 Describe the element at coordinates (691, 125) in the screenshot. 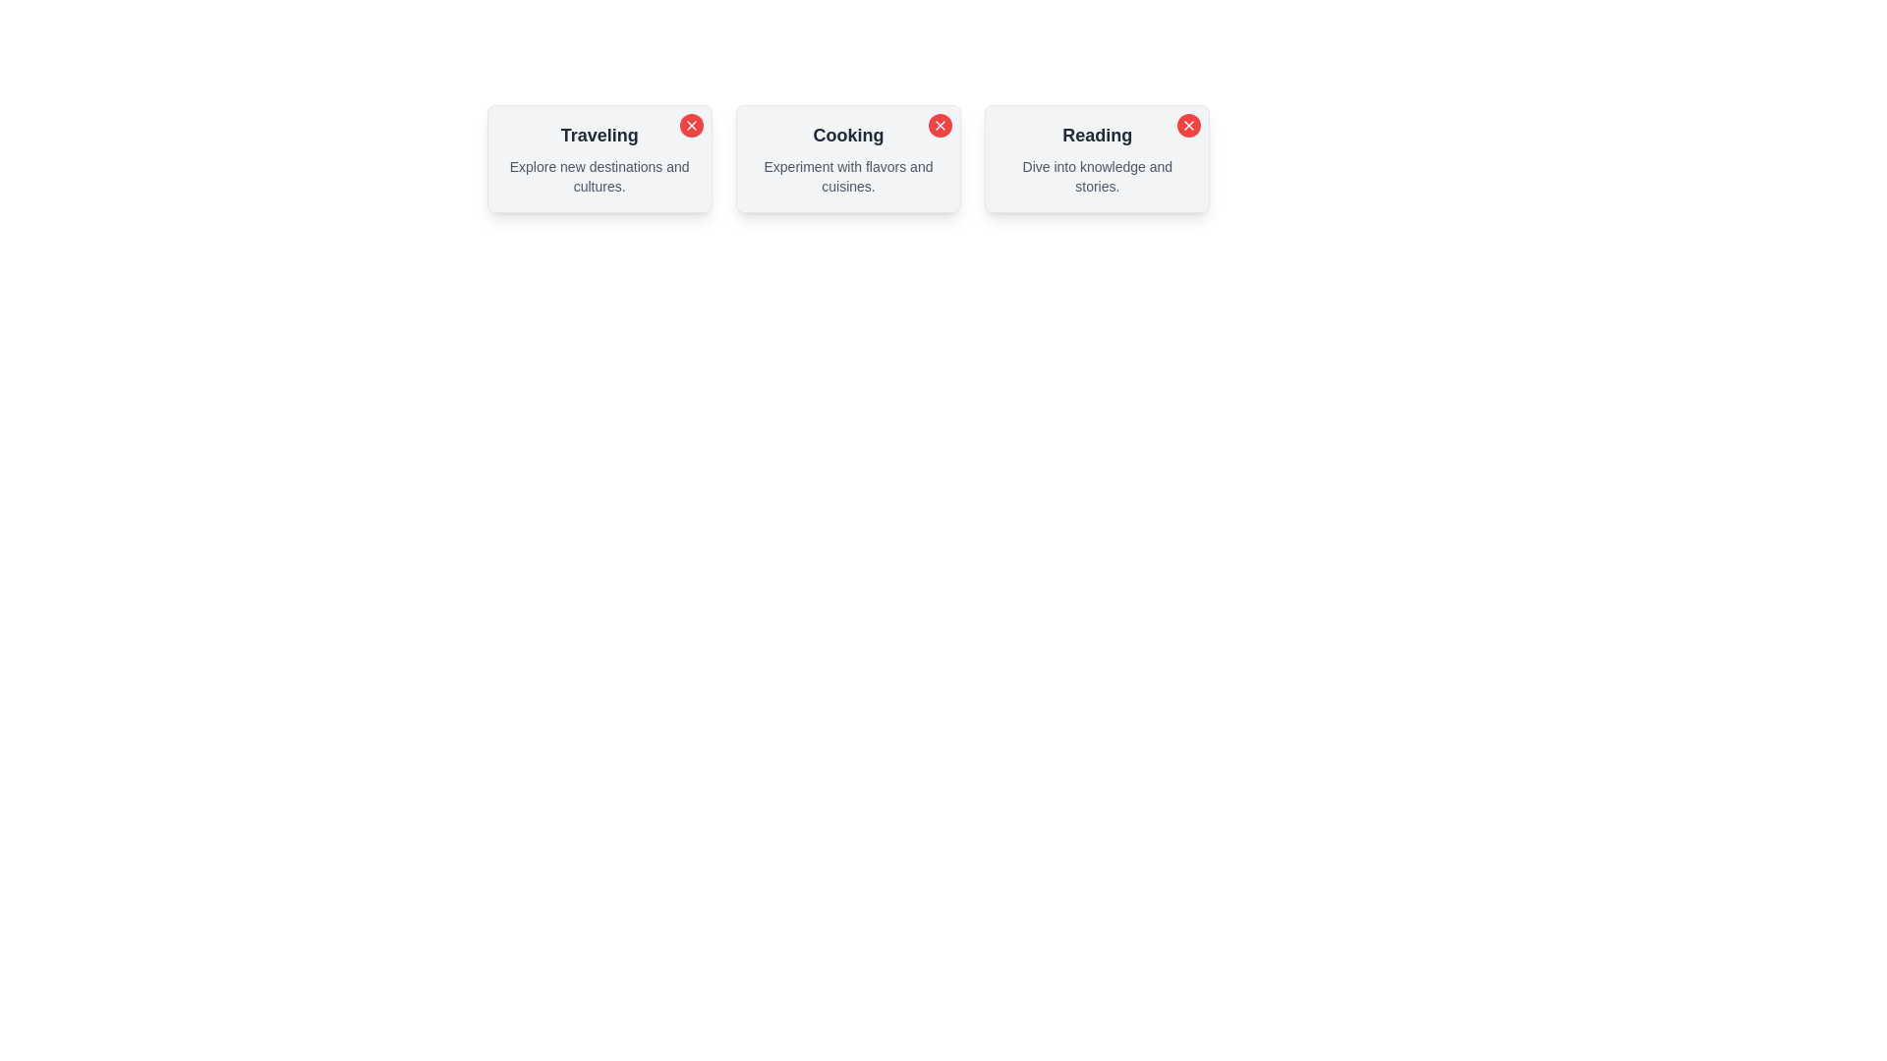

I see `the close button of the chip labeled Traveling` at that location.